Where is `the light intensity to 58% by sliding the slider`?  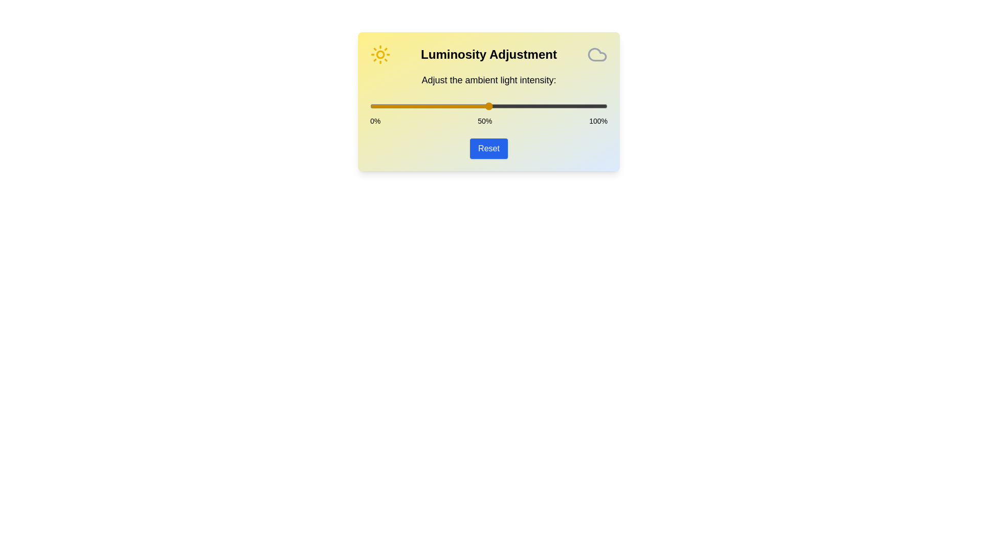 the light intensity to 58% by sliding the slider is located at coordinates (508, 106).